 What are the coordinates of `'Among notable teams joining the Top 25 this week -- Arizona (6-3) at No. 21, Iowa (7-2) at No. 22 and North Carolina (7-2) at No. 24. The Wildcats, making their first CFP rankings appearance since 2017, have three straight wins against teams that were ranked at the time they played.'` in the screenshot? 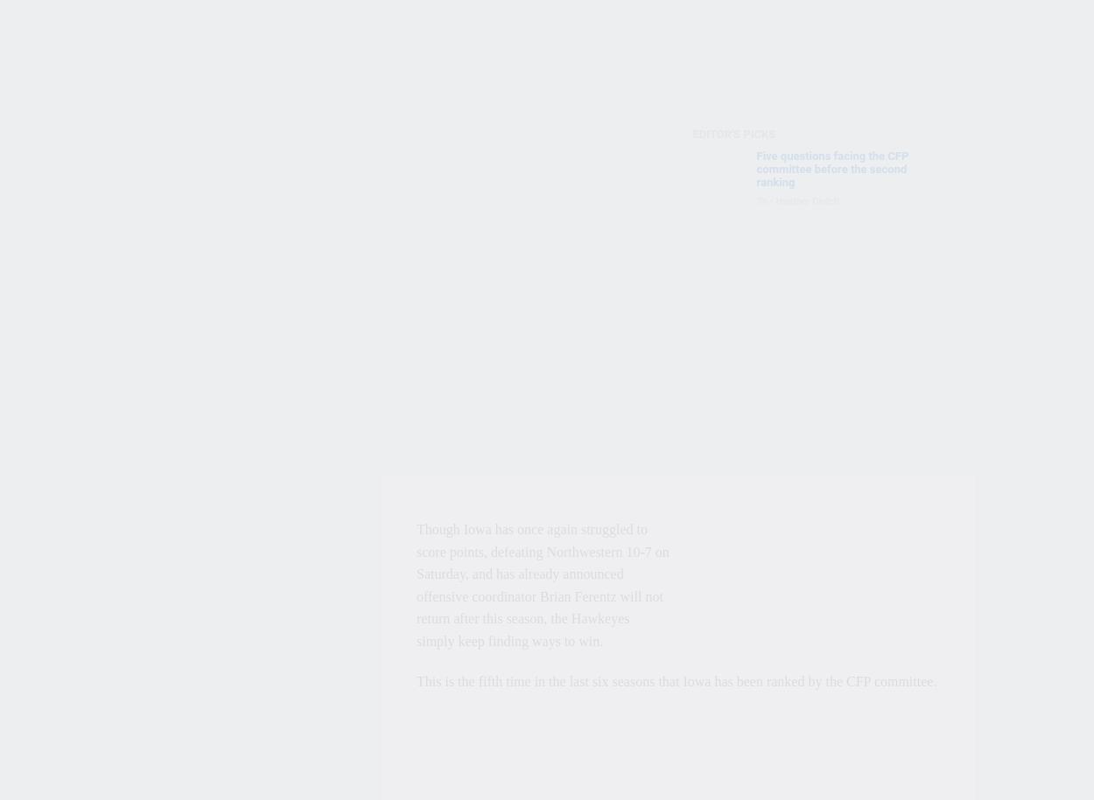 It's located at (541, 421).